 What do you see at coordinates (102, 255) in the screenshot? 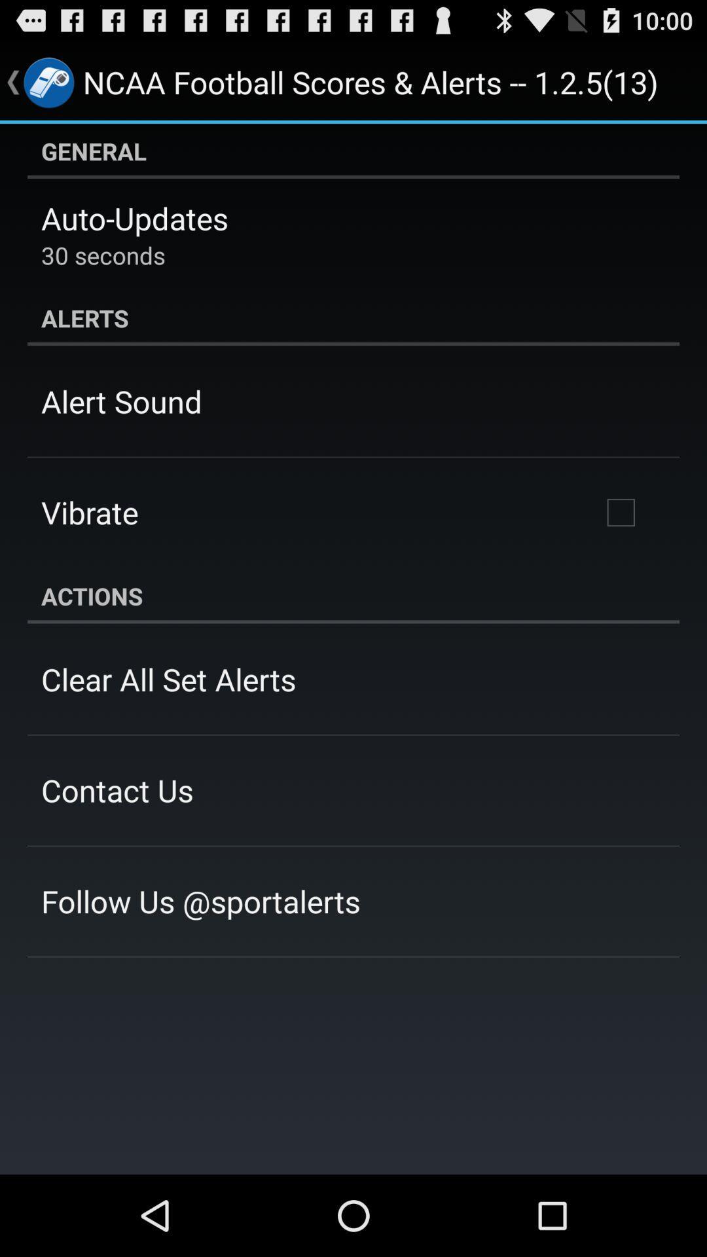
I see `the app above the alerts item` at bounding box center [102, 255].